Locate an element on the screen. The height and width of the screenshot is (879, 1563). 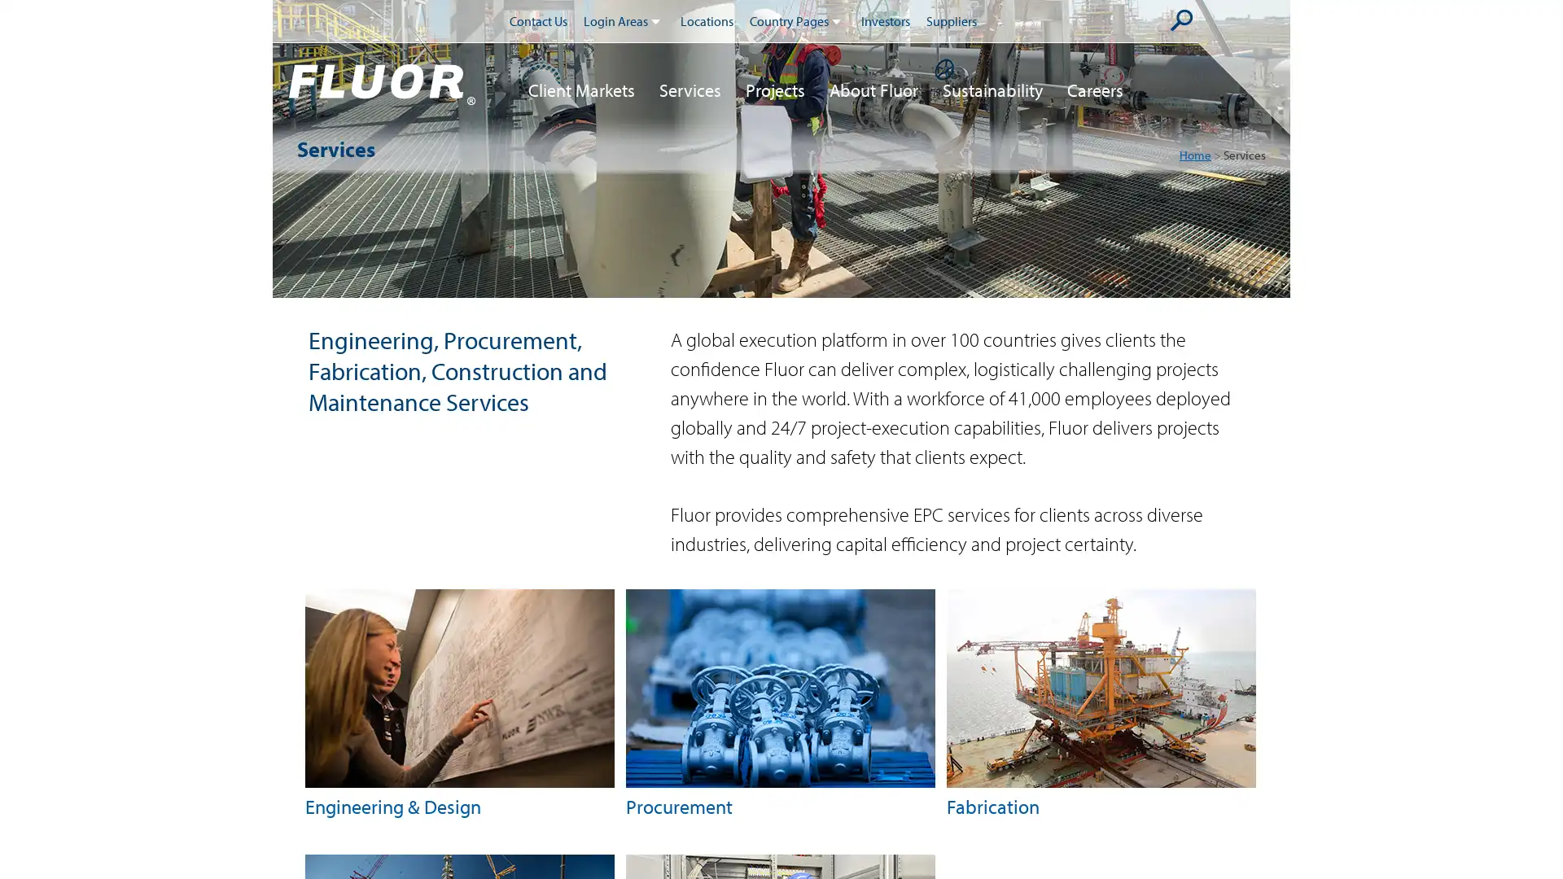
Services is located at coordinates (690, 80).